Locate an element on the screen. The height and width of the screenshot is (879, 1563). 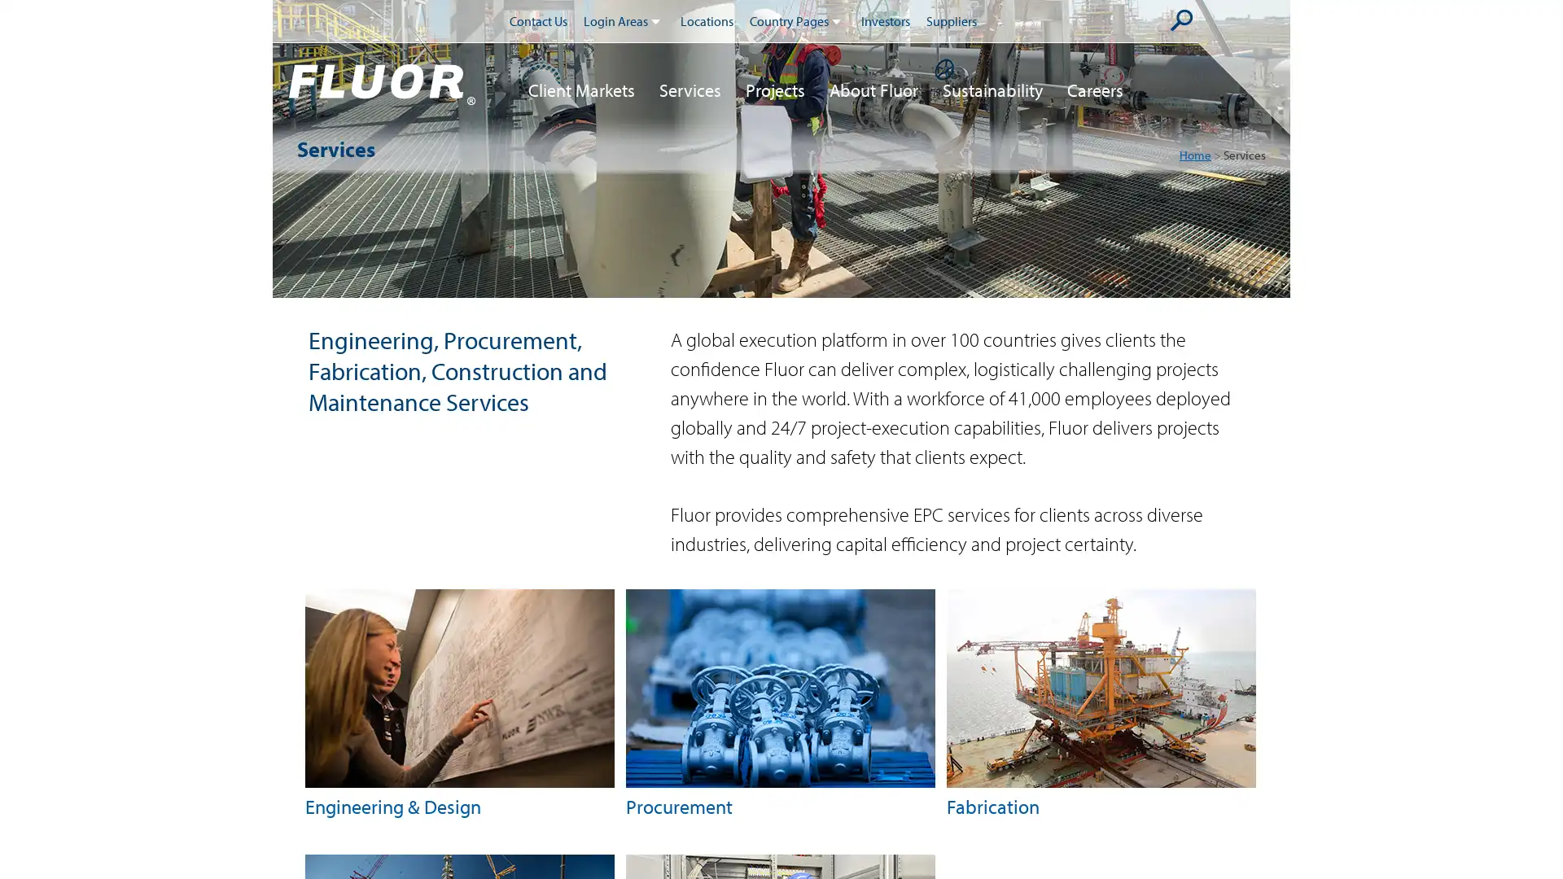
Services is located at coordinates (690, 80).